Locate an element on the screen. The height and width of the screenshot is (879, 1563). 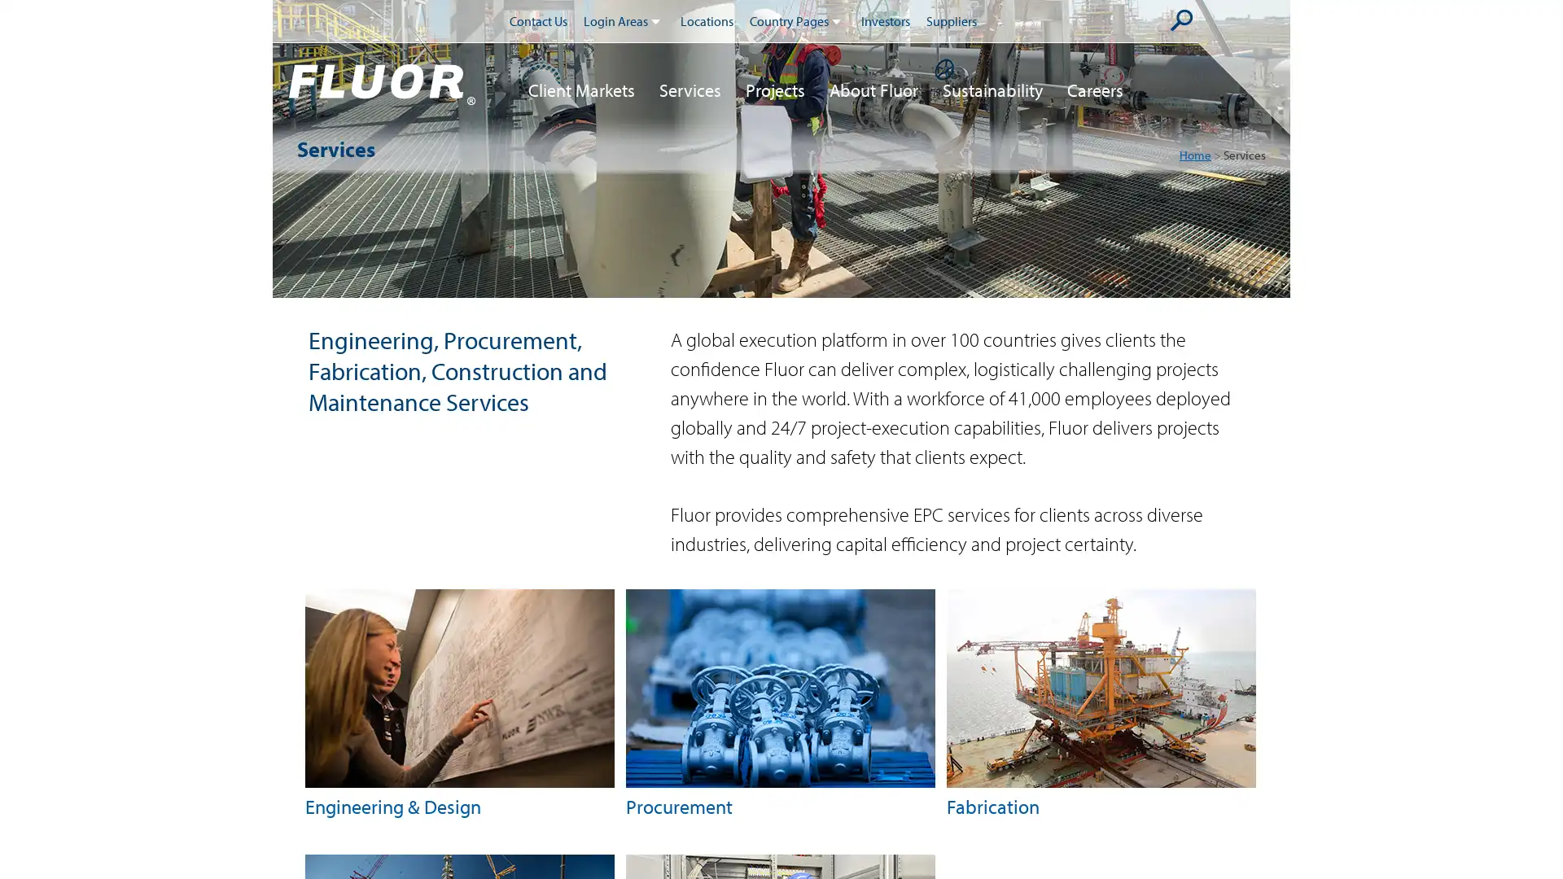
Services is located at coordinates (690, 80).